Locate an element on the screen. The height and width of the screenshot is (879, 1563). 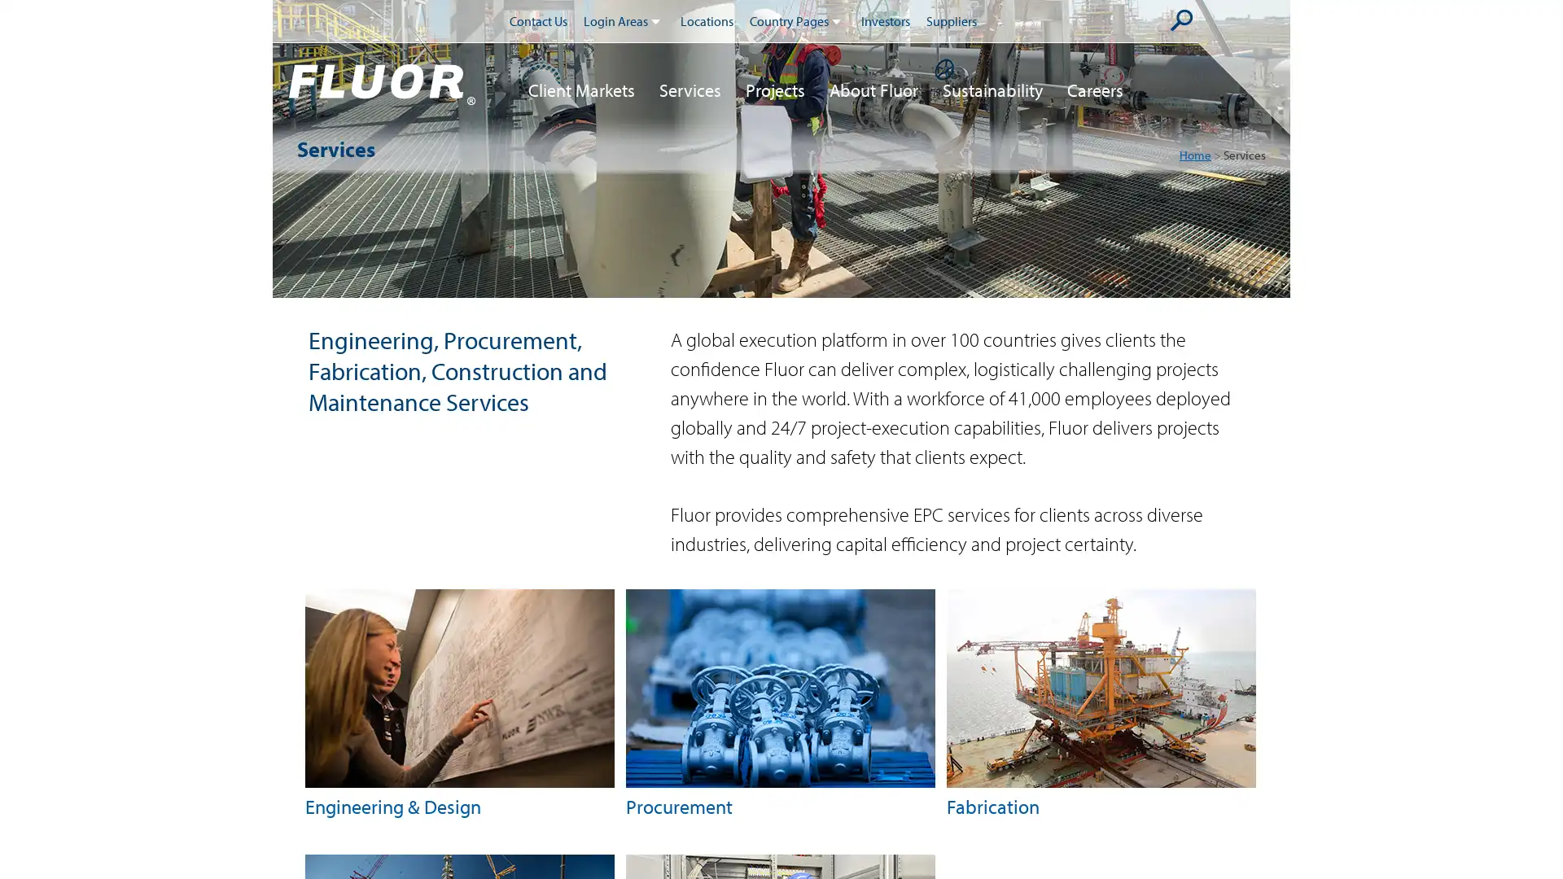
Services is located at coordinates (690, 80).